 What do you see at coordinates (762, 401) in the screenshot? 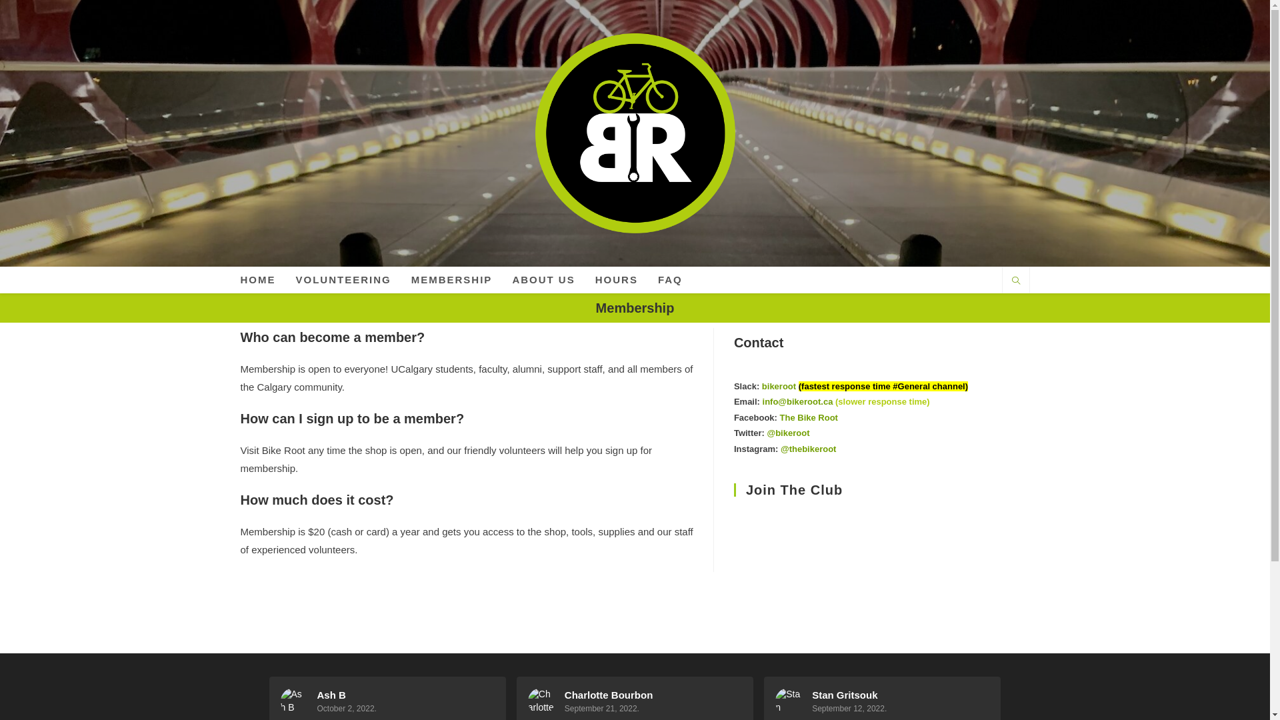
I see `'info@bikeroot.ca'` at bounding box center [762, 401].